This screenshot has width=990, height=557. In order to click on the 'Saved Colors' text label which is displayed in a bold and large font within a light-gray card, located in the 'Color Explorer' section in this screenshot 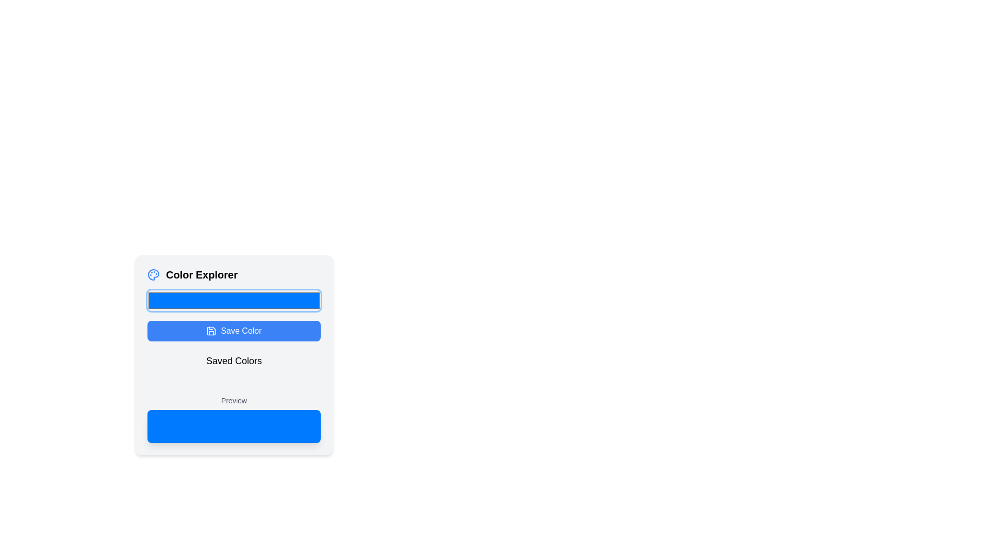, I will do `click(234, 363)`.